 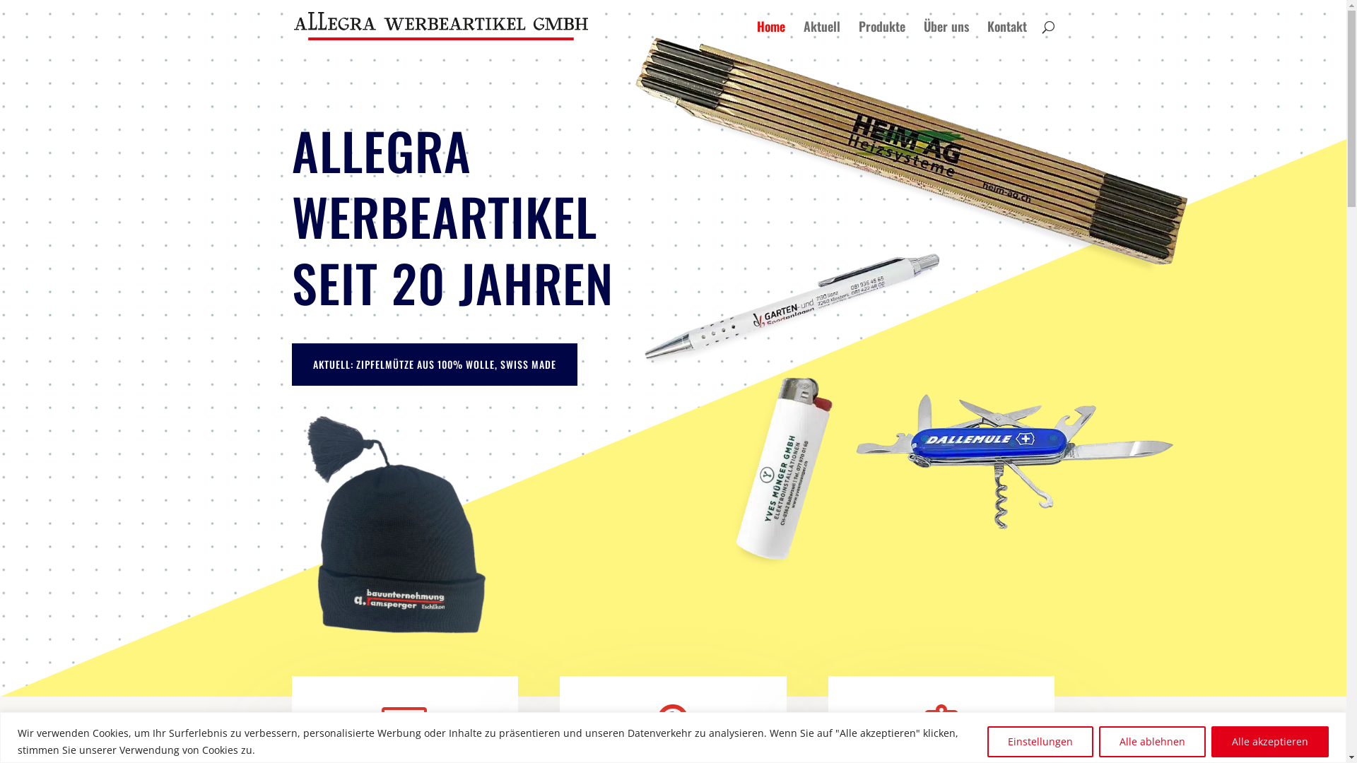 What do you see at coordinates (1152, 740) in the screenshot?
I see `'Alle ablehnen'` at bounding box center [1152, 740].